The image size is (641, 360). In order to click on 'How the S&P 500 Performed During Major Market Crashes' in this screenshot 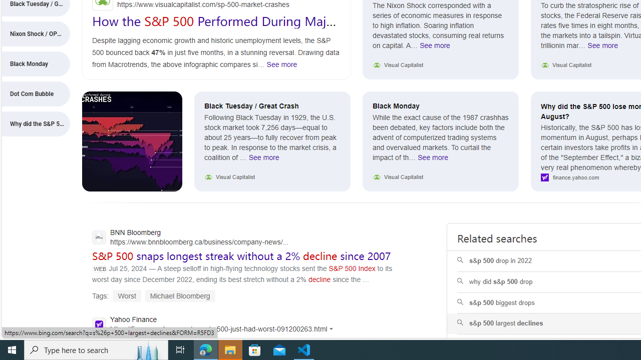, I will do `click(215, 27)`.